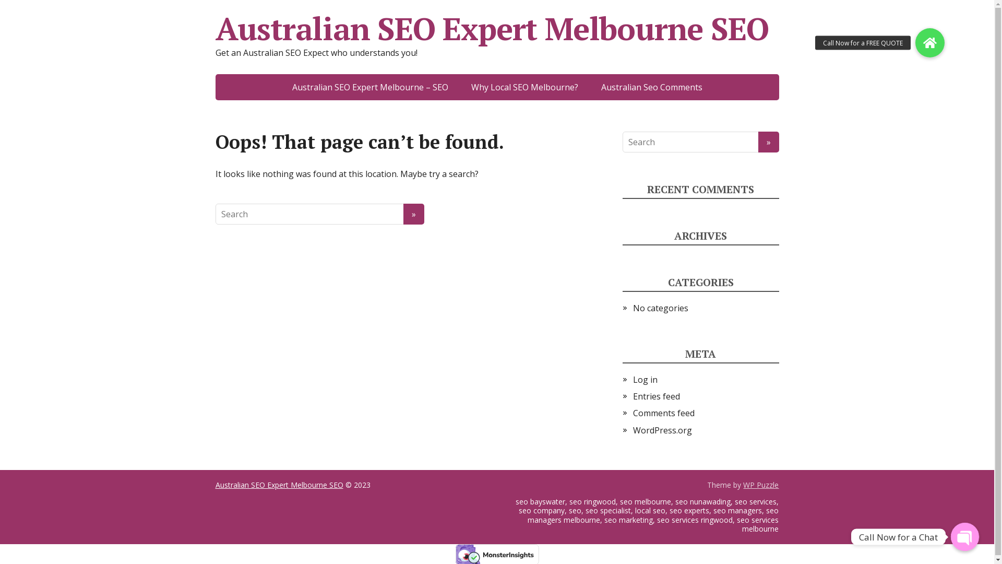 This screenshot has width=1002, height=564. I want to click on 'Australian SEO Expert Melbourne SEO', so click(496, 28).